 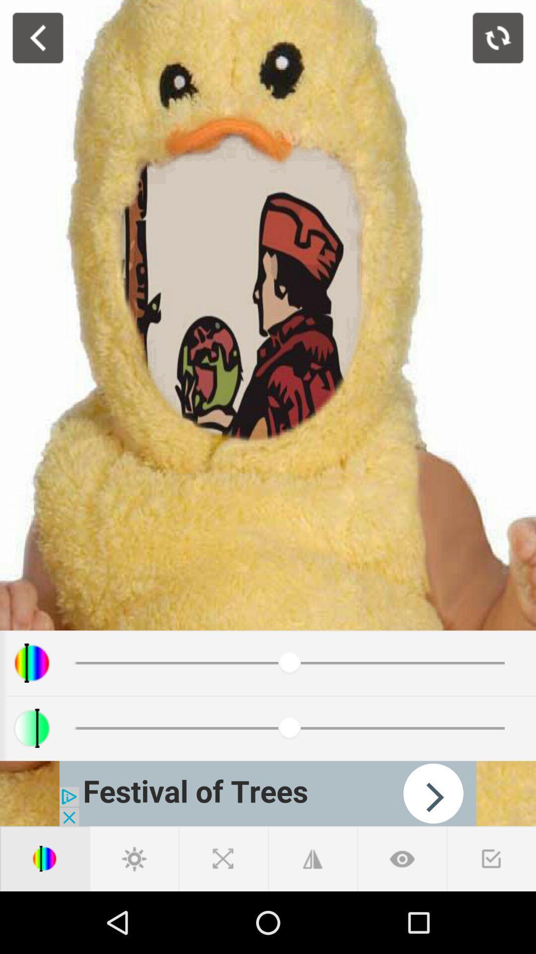 I want to click on vidio watch button, so click(x=402, y=858).